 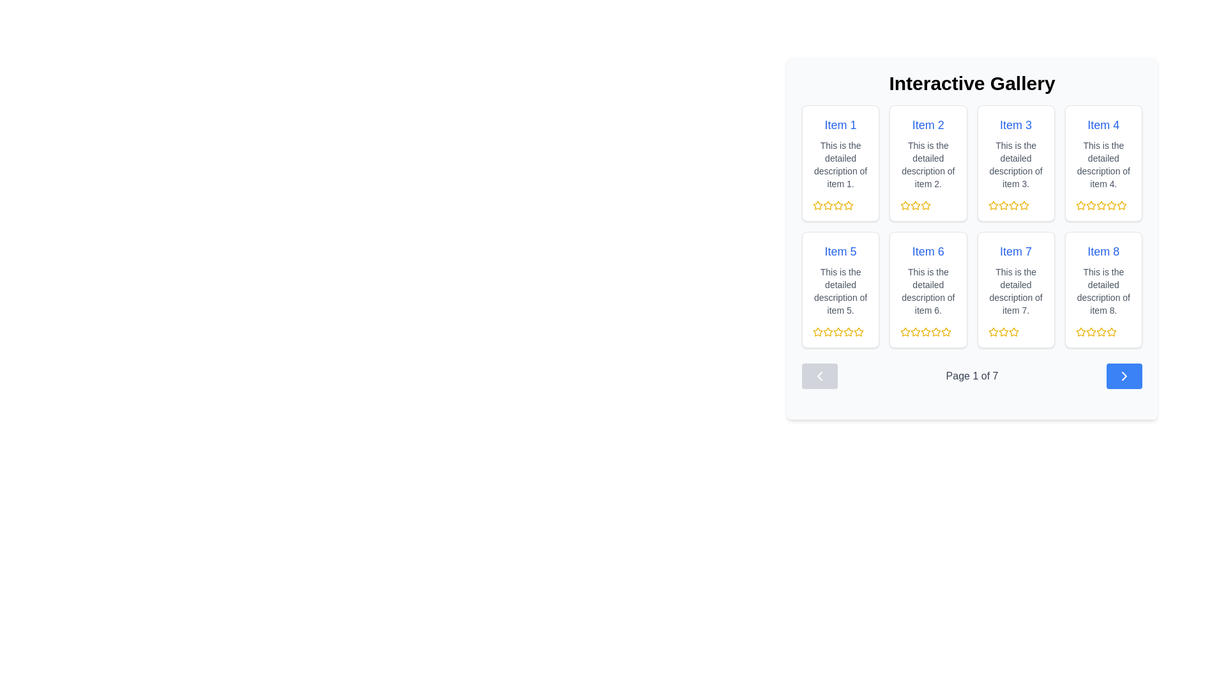 I want to click on the third star icon in the row of five stars beneath 'Item 8', so click(x=1090, y=332).